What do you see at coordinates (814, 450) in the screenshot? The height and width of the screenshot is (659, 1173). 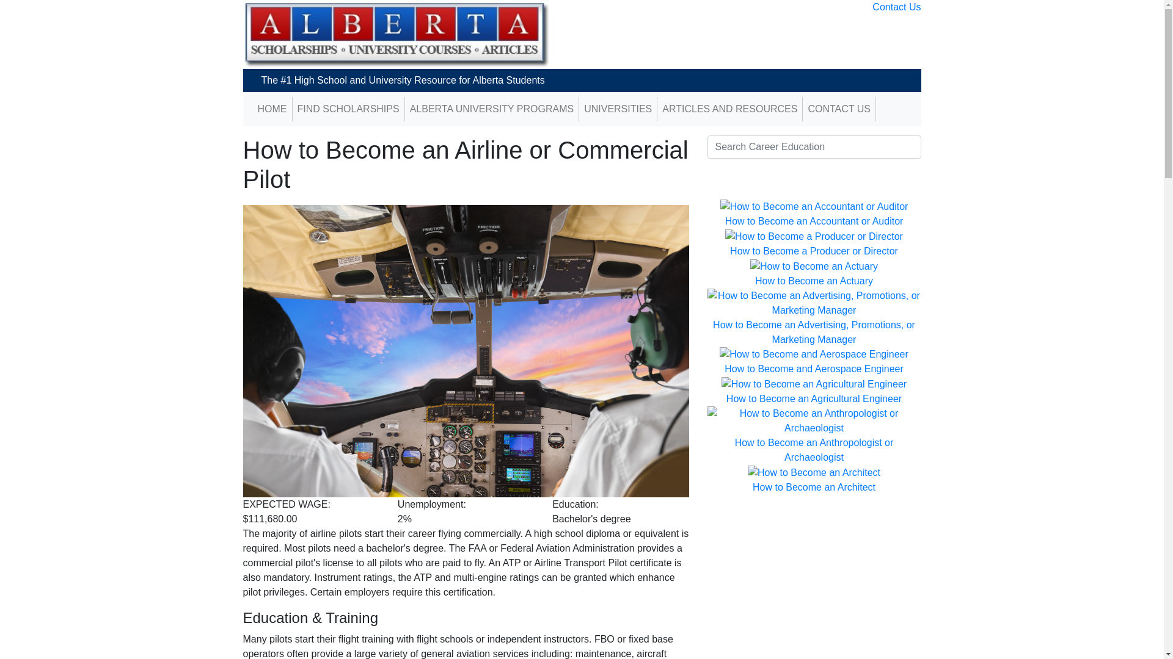 I see `'How to Become an Anthropologist or Archaeologist'` at bounding box center [814, 450].